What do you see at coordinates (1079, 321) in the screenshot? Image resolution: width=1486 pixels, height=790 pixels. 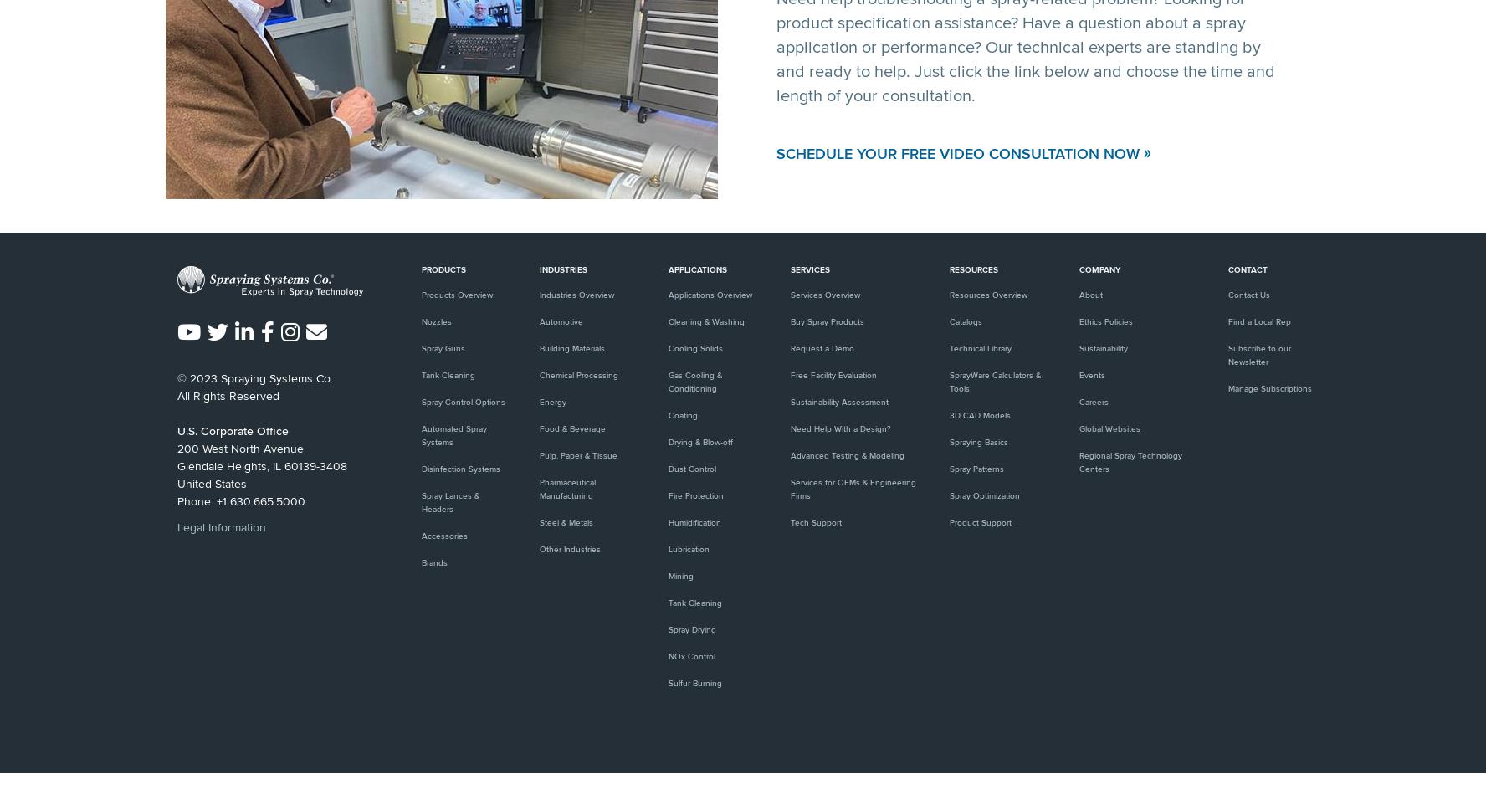 I see `'Ethics Policies'` at bounding box center [1079, 321].